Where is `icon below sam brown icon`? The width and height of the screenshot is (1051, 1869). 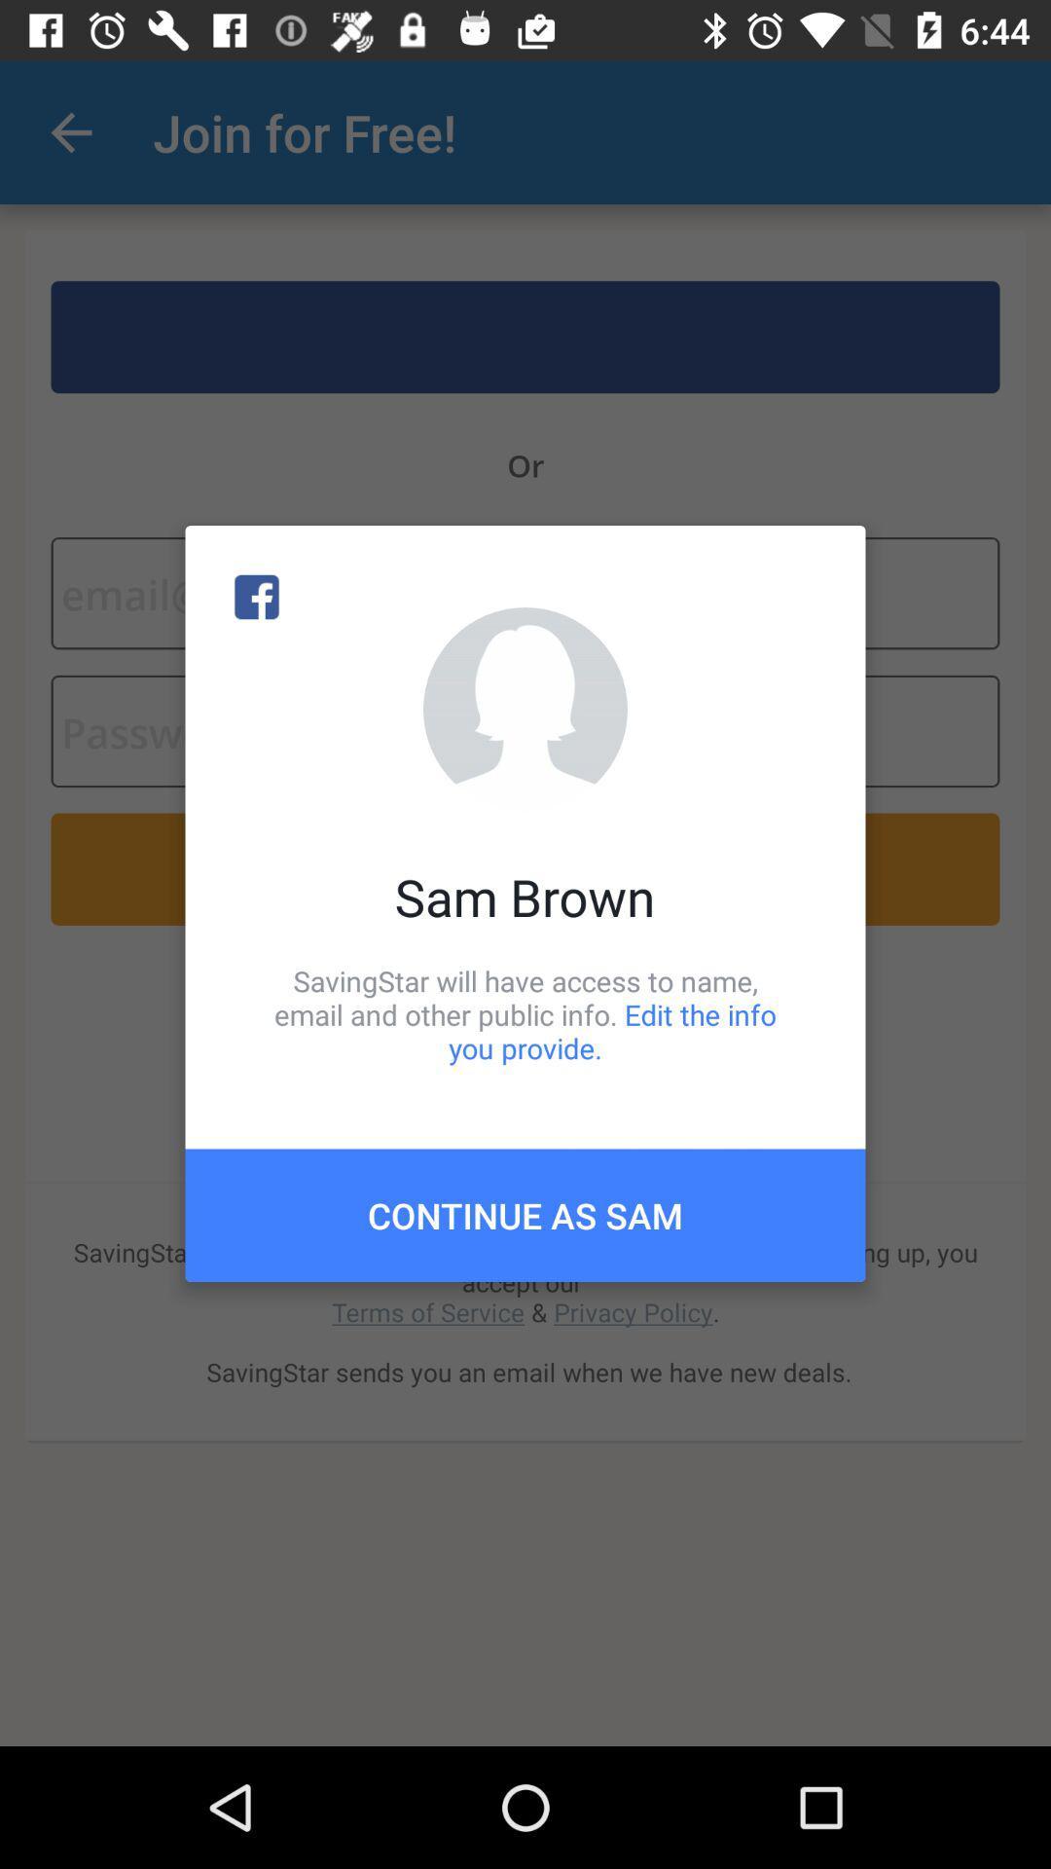
icon below sam brown icon is located at coordinates (525, 1013).